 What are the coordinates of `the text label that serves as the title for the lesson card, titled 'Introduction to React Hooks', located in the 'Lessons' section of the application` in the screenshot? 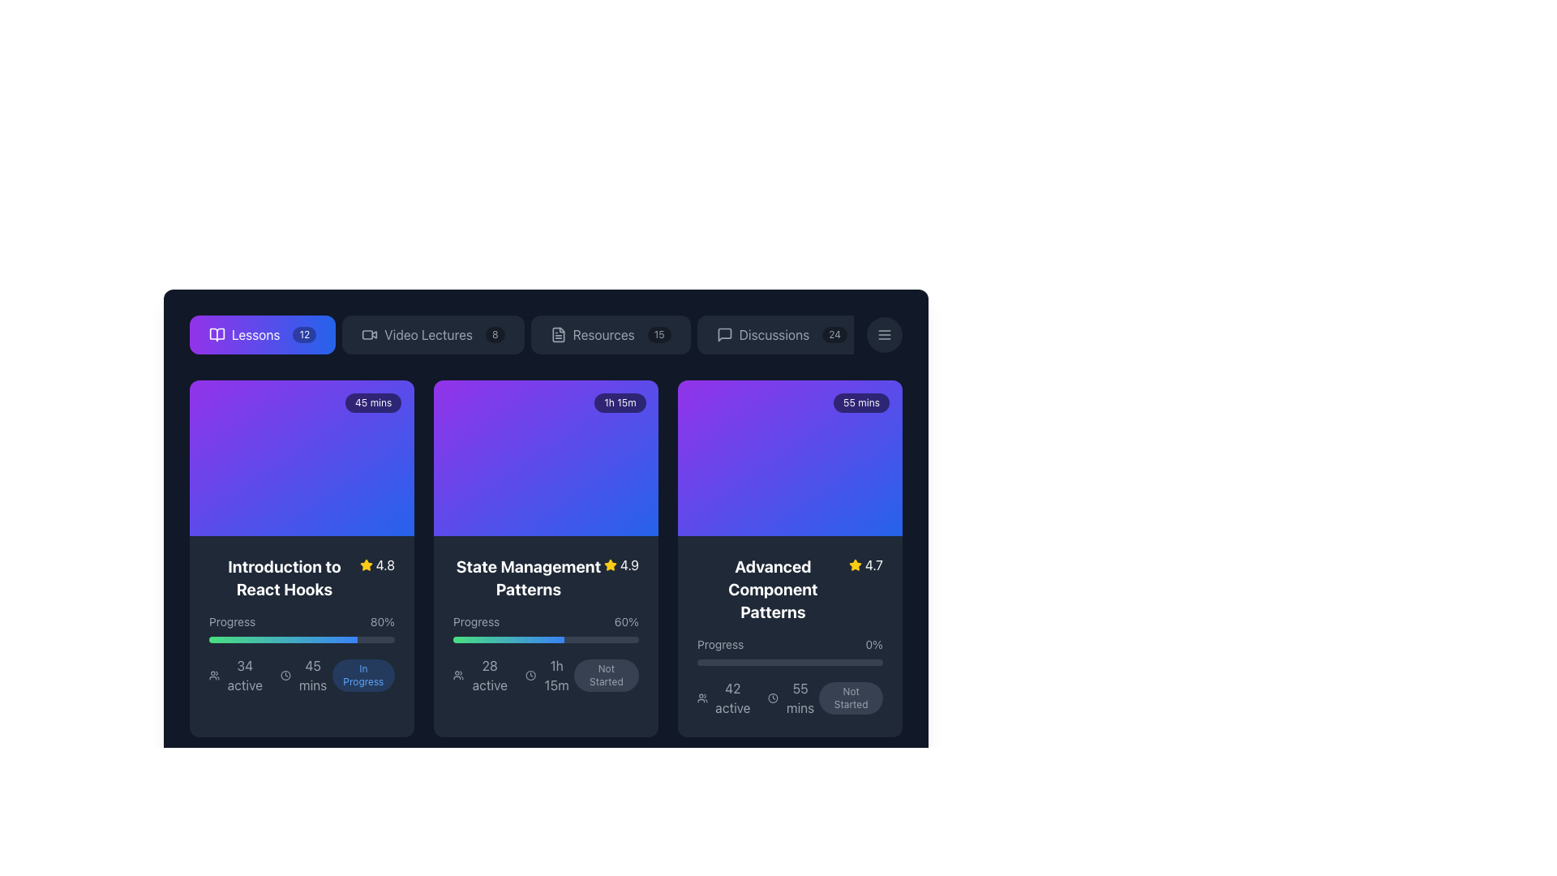 It's located at (284, 578).